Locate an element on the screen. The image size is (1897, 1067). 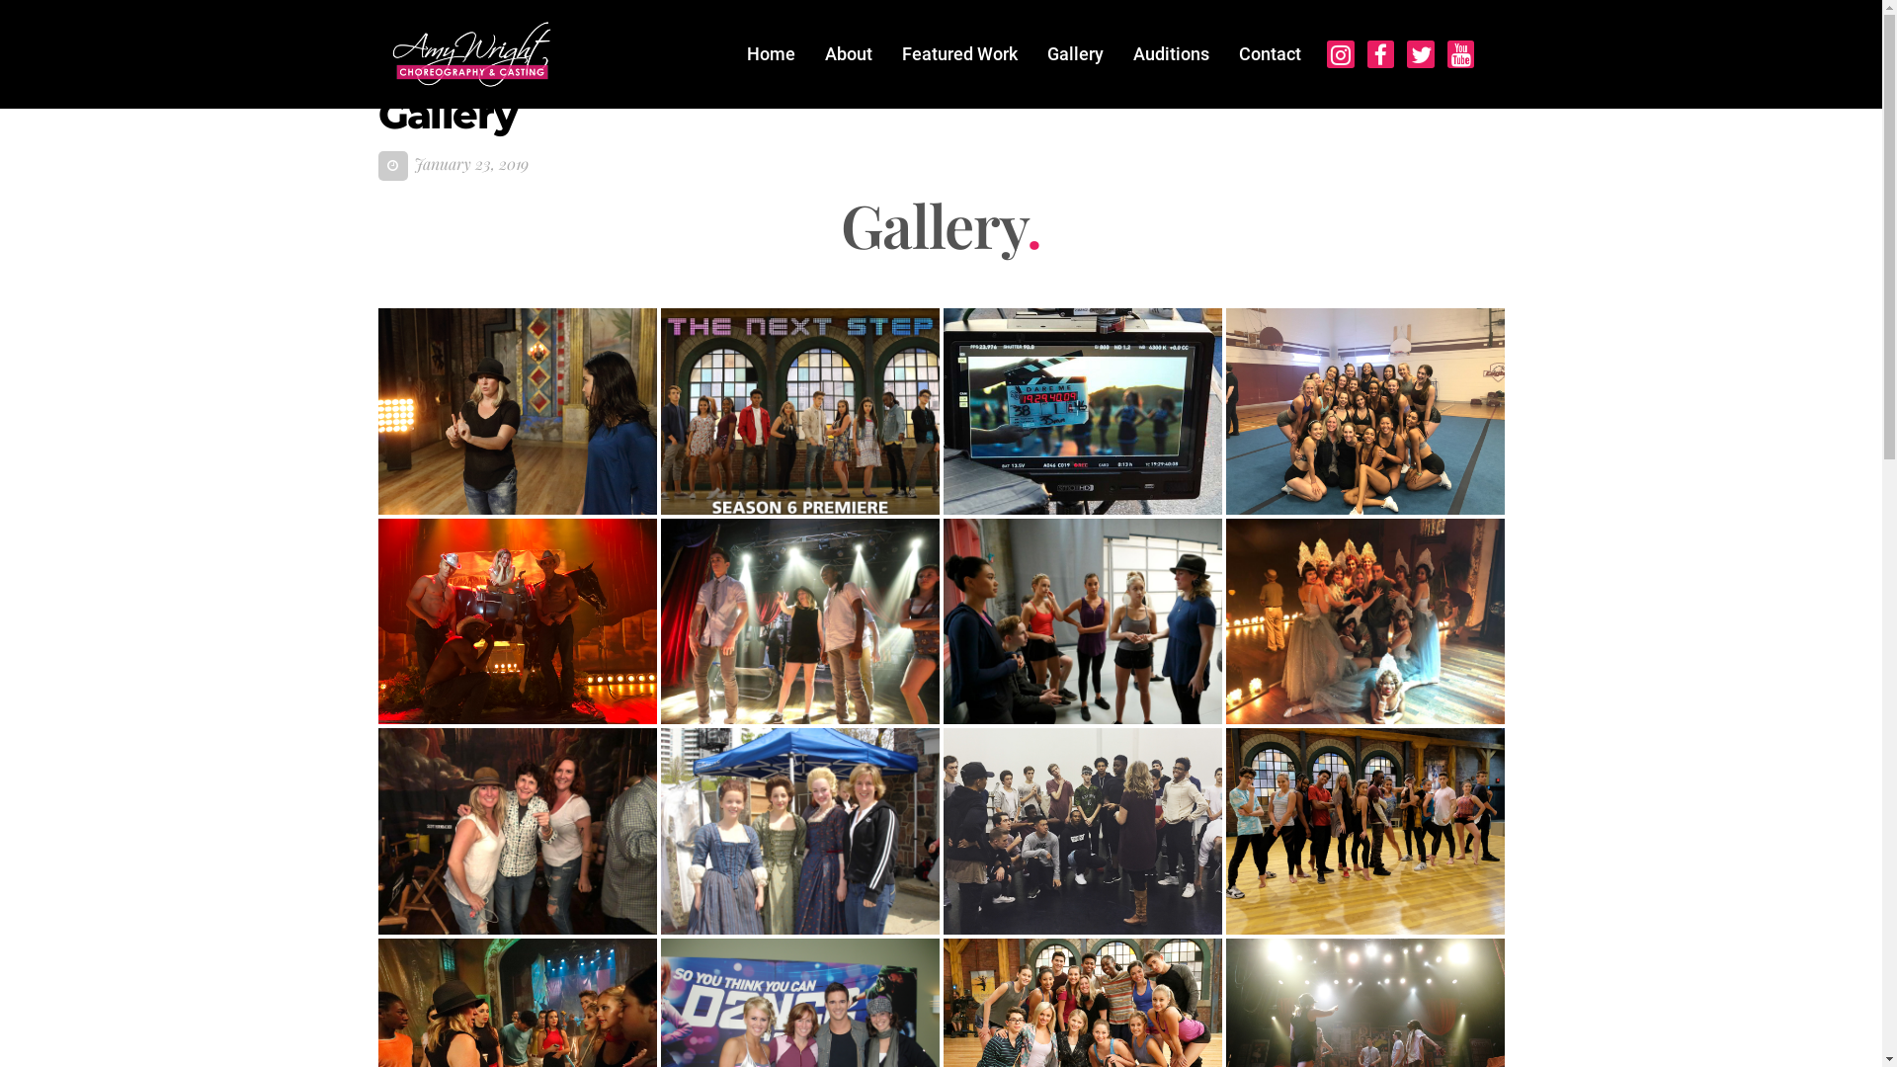
'Auditions' is located at coordinates (1171, 52).